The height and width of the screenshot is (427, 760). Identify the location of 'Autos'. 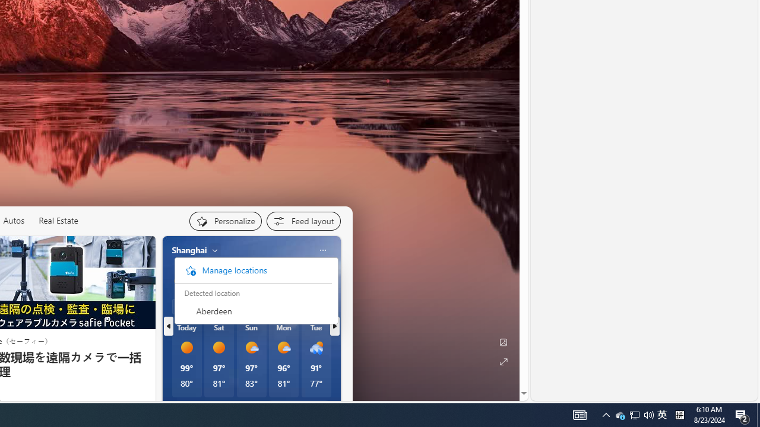
(14, 220).